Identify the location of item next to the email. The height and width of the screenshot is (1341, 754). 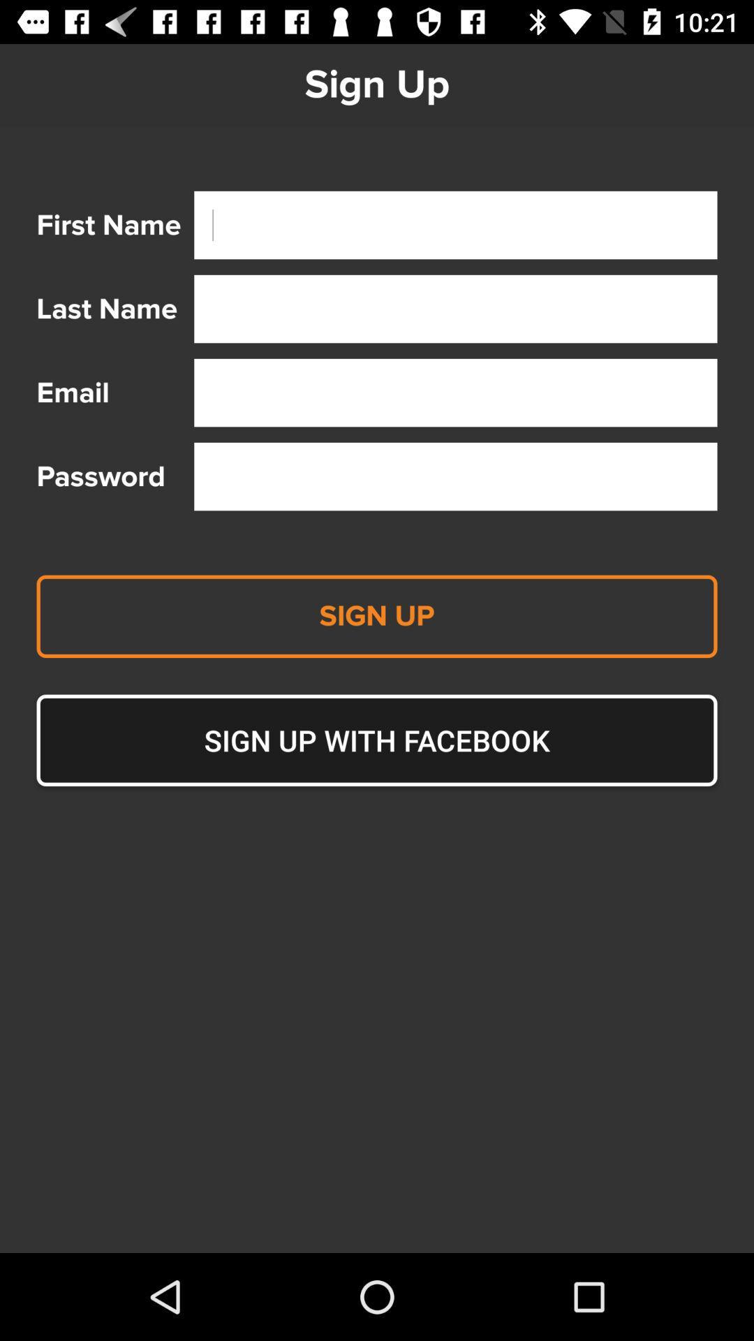
(455, 392).